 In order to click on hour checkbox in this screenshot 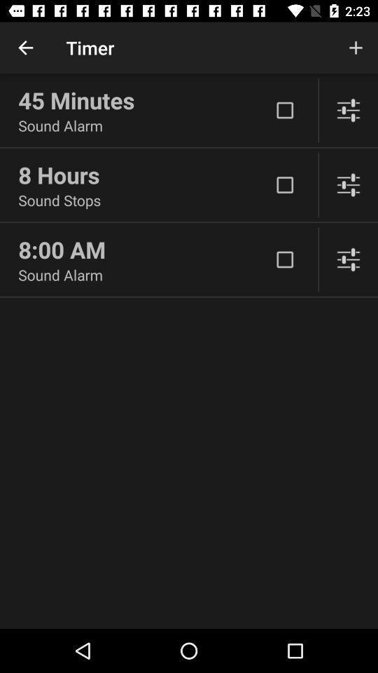, I will do `click(284, 184)`.